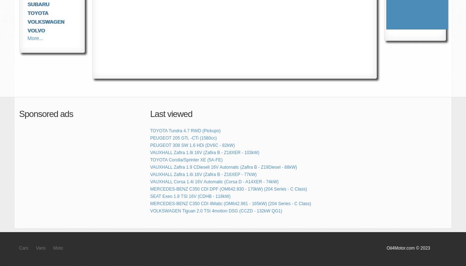  What do you see at coordinates (150, 196) in the screenshot?
I see `'SEAT Exeo 1.8 TSI 16V (CDHB - 118kW)'` at bounding box center [150, 196].